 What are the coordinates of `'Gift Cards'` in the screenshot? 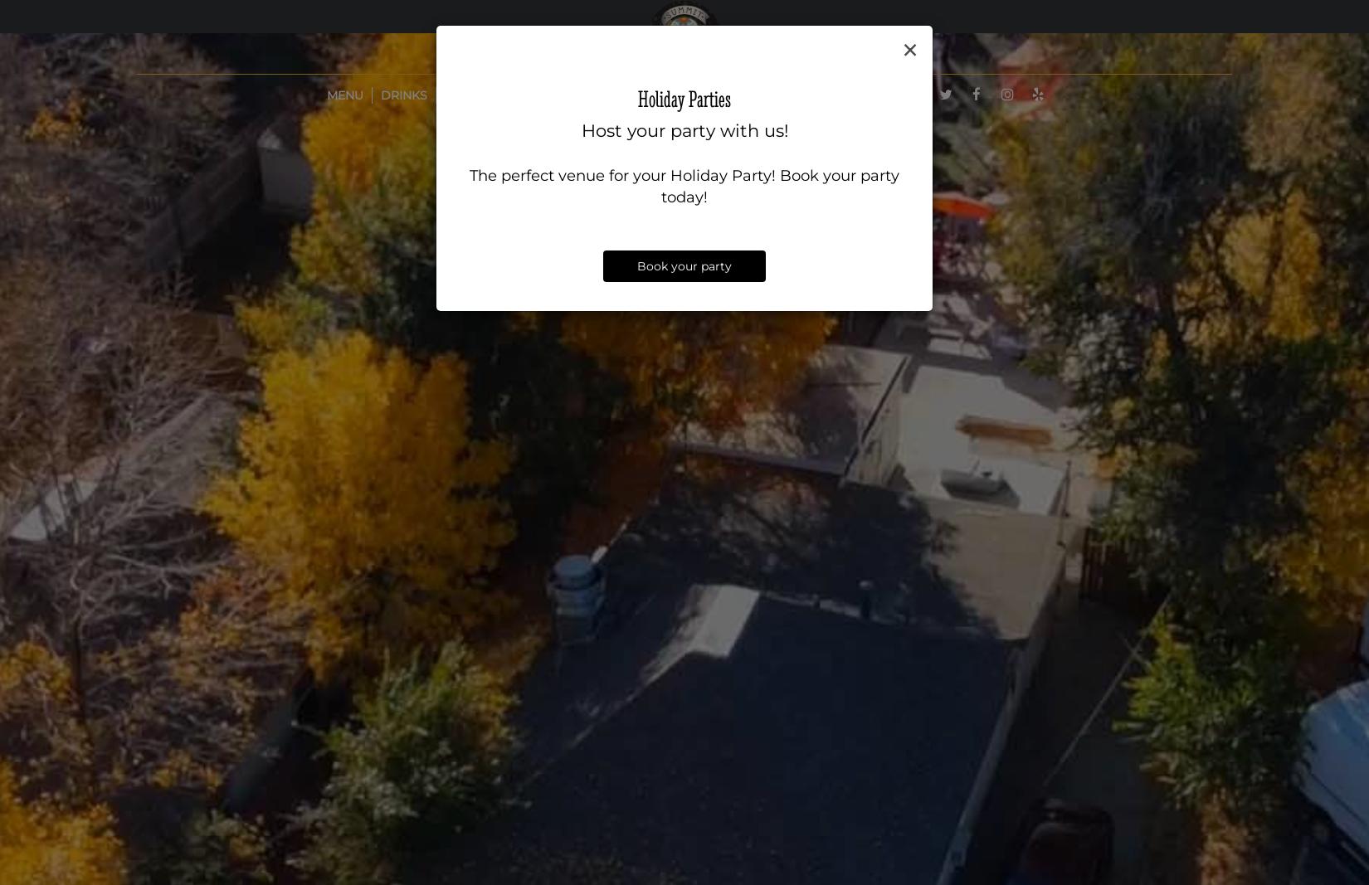 It's located at (776, 95).